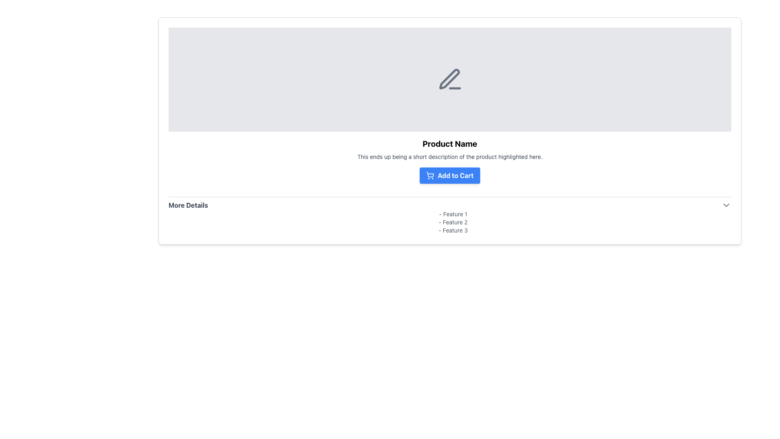  What do you see at coordinates (726, 205) in the screenshot?
I see `the Chevron SVG Icon located on the farthest right side of the 'More Details' section` at bounding box center [726, 205].